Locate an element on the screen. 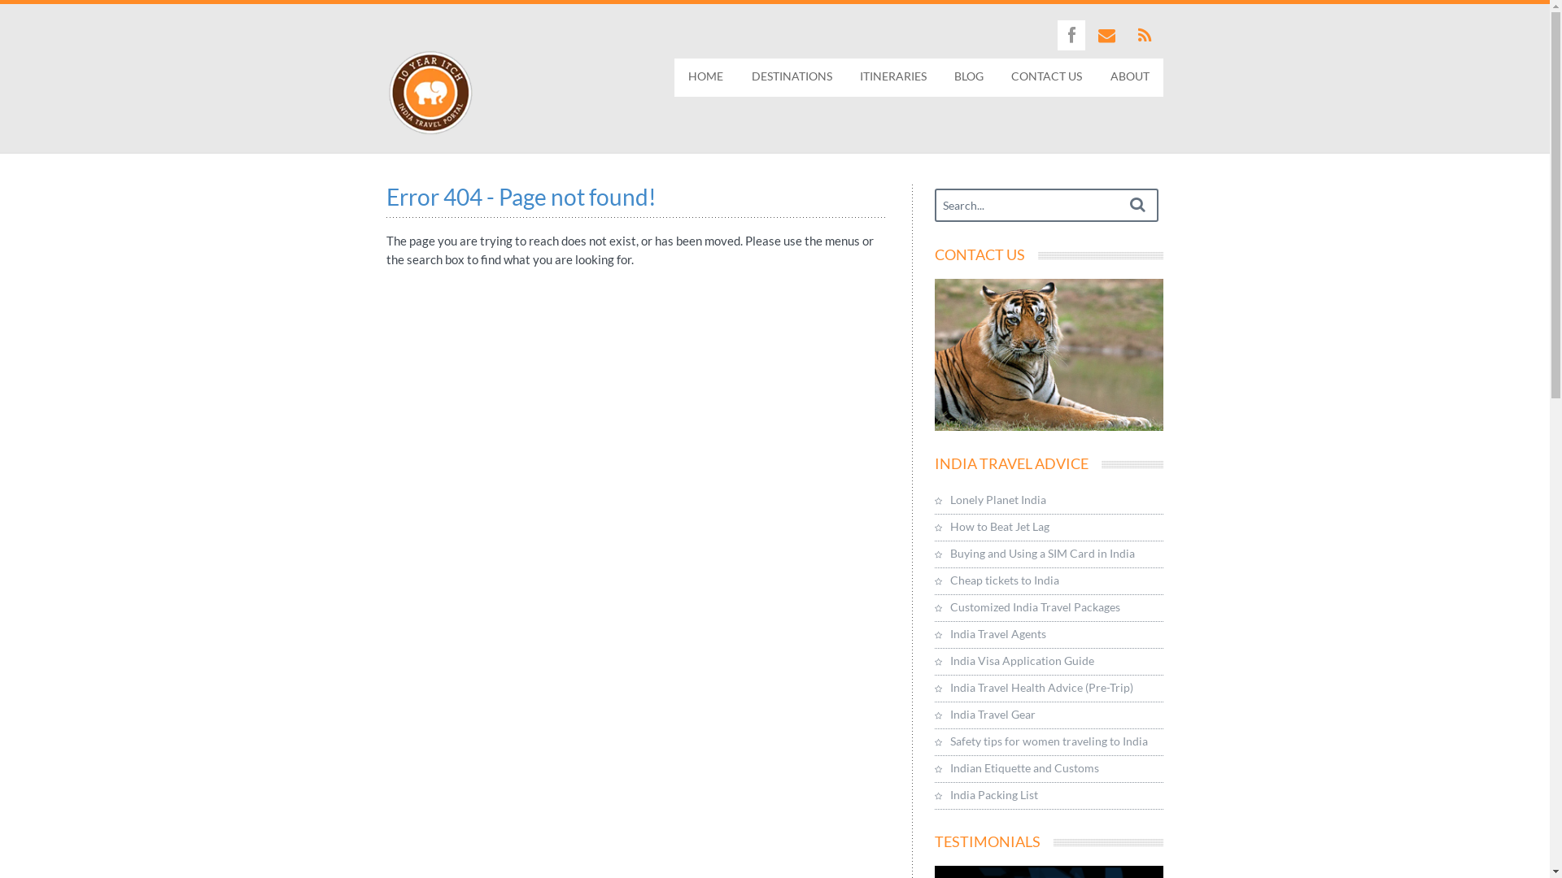 Image resolution: width=1562 pixels, height=878 pixels. 'India Travel Gear' is located at coordinates (934, 715).